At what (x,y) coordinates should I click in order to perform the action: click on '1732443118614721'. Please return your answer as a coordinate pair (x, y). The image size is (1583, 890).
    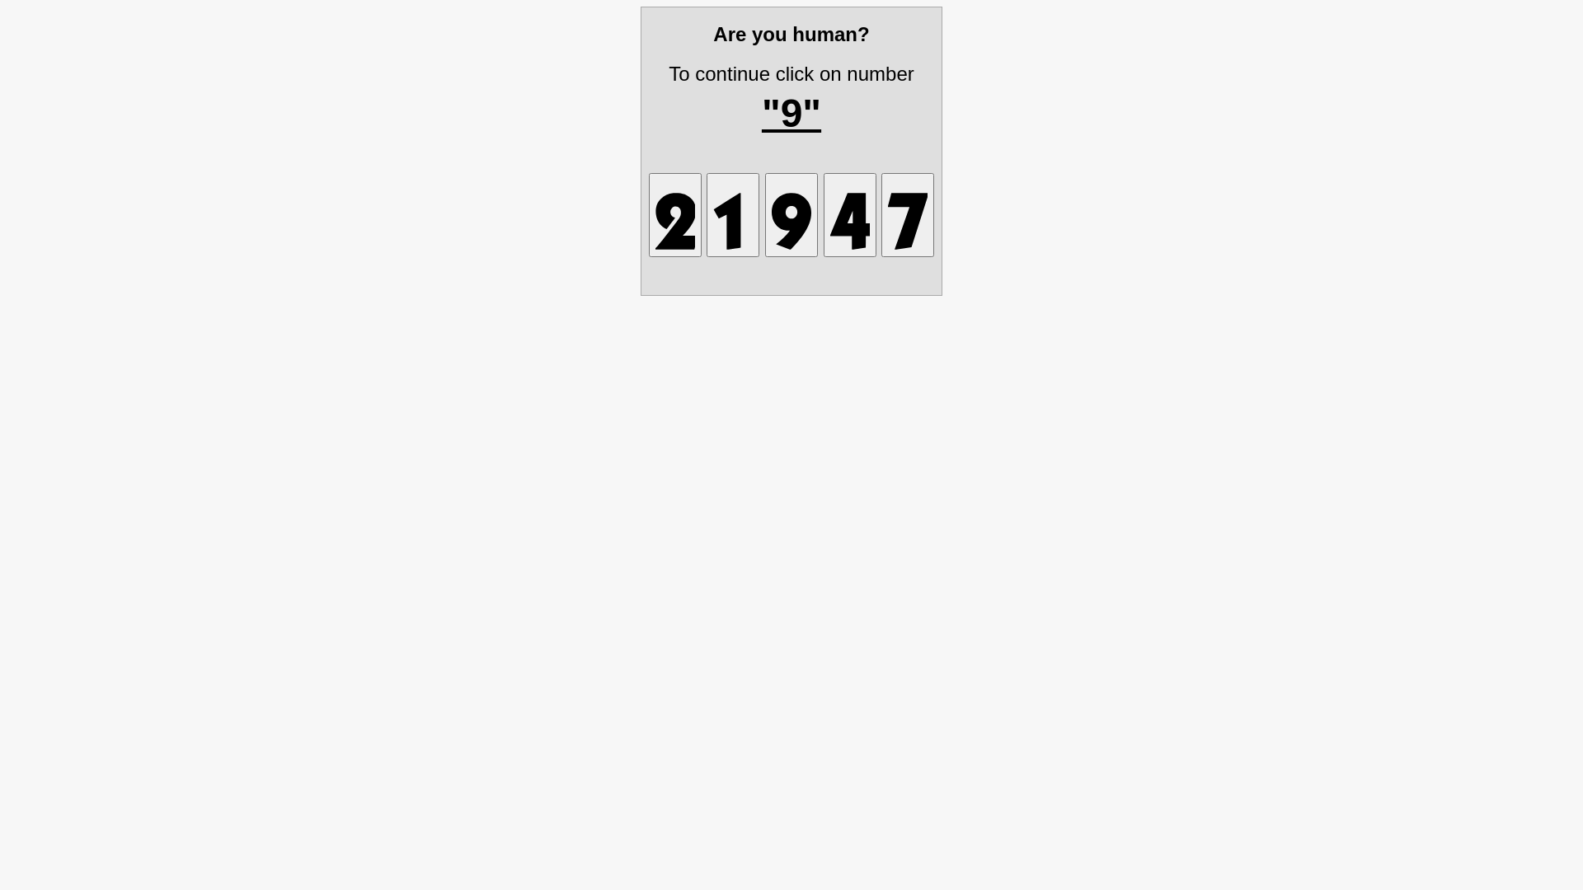
    Looking at the image, I should click on (731, 214).